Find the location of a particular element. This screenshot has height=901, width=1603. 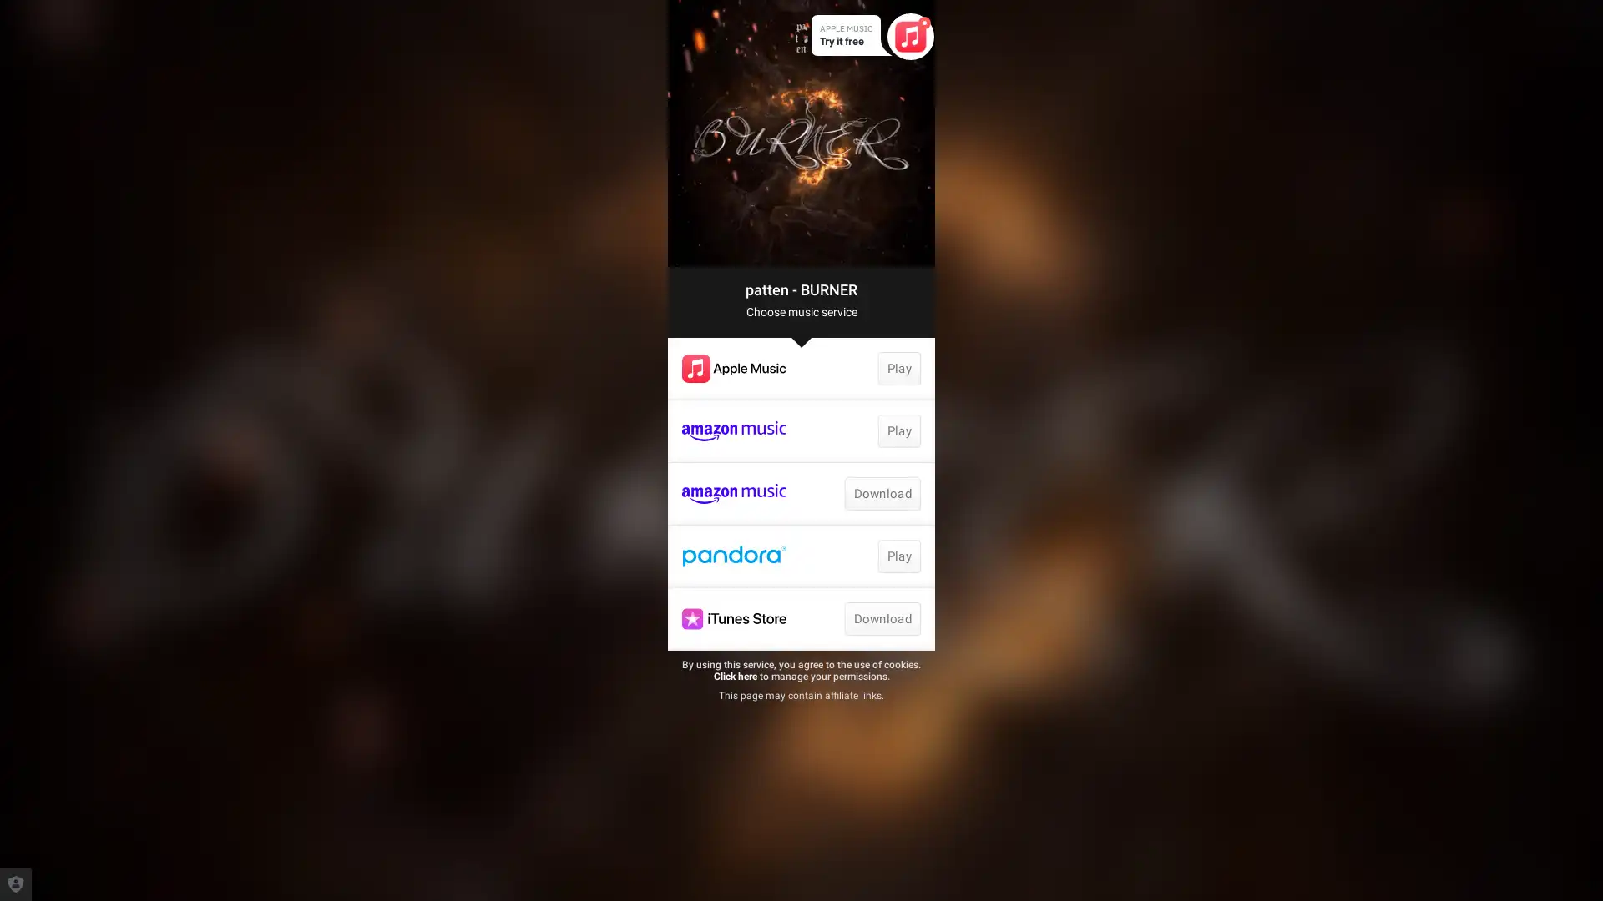

Download is located at coordinates (881, 492).